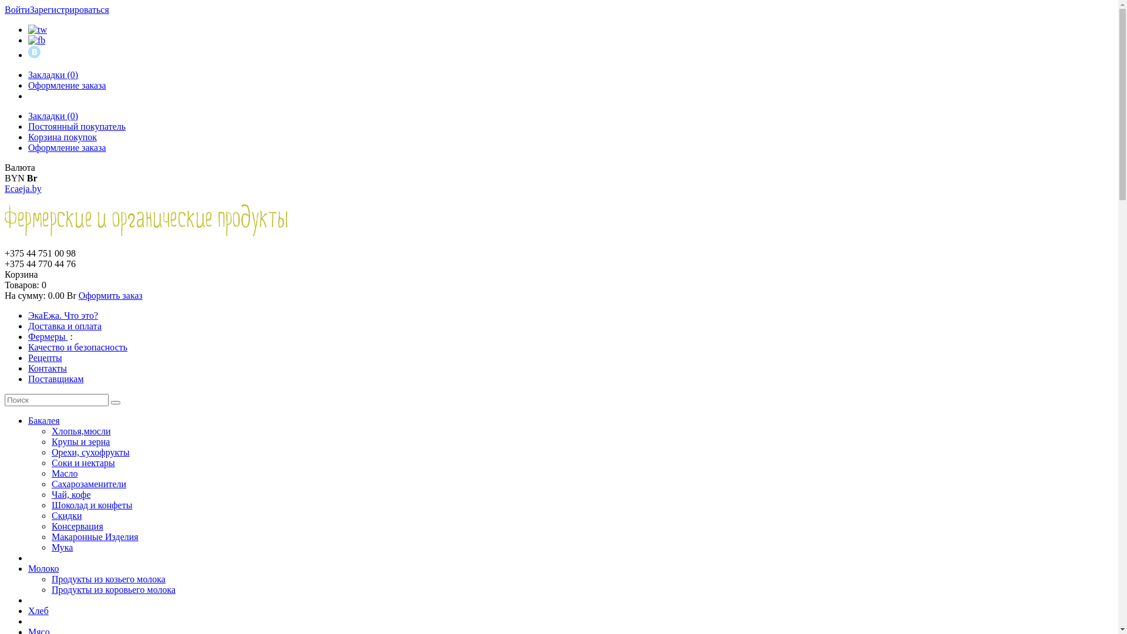 This screenshot has width=1127, height=634. What do you see at coordinates (32, 178) in the screenshot?
I see `'Br'` at bounding box center [32, 178].